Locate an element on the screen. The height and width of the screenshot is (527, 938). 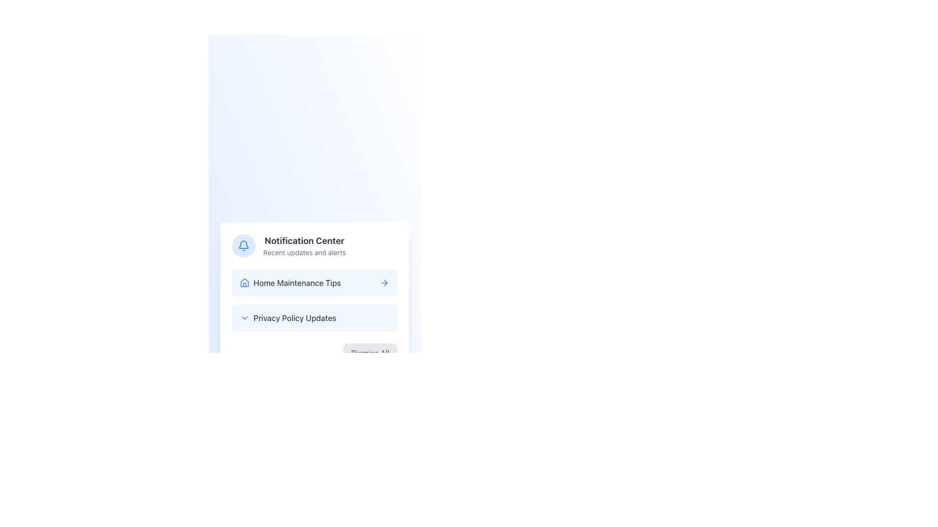
the subtitle text displaying 'Recent updates and alerts' located below the 'Notification Center' heading is located at coordinates (304, 252).